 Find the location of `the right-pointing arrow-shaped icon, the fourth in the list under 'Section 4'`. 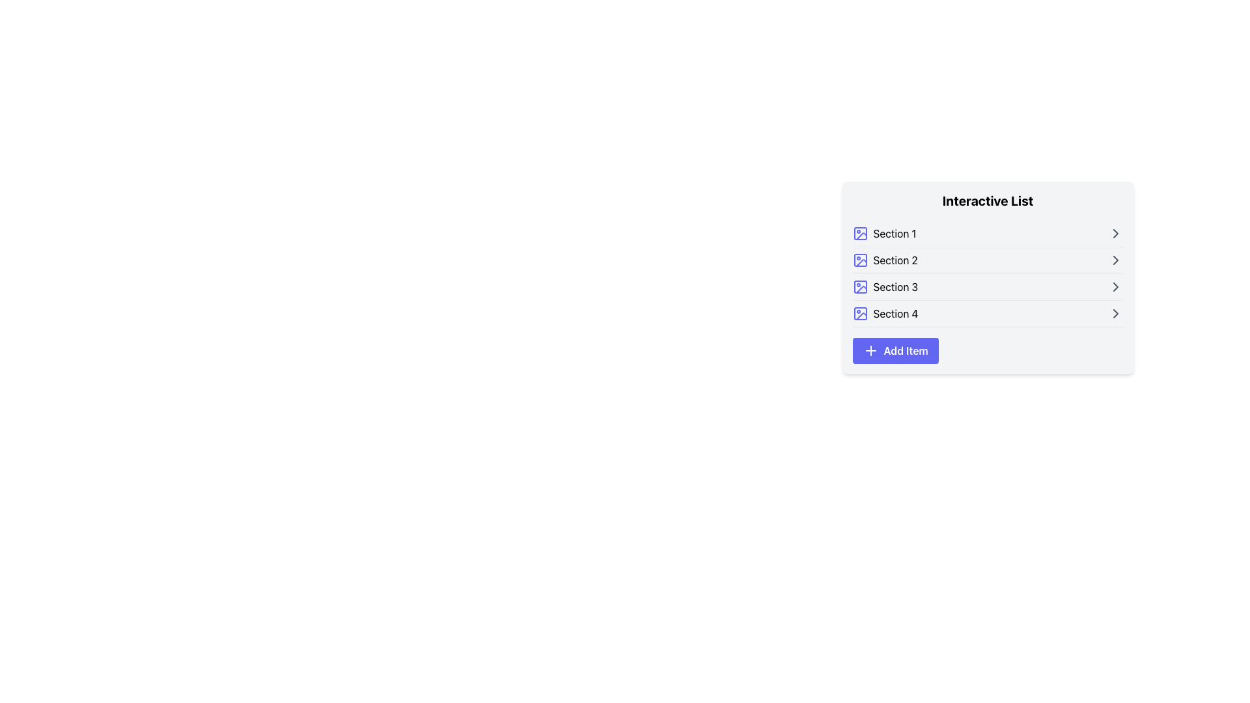

the right-pointing arrow-shaped icon, the fourth in the list under 'Section 4' is located at coordinates (1115, 314).